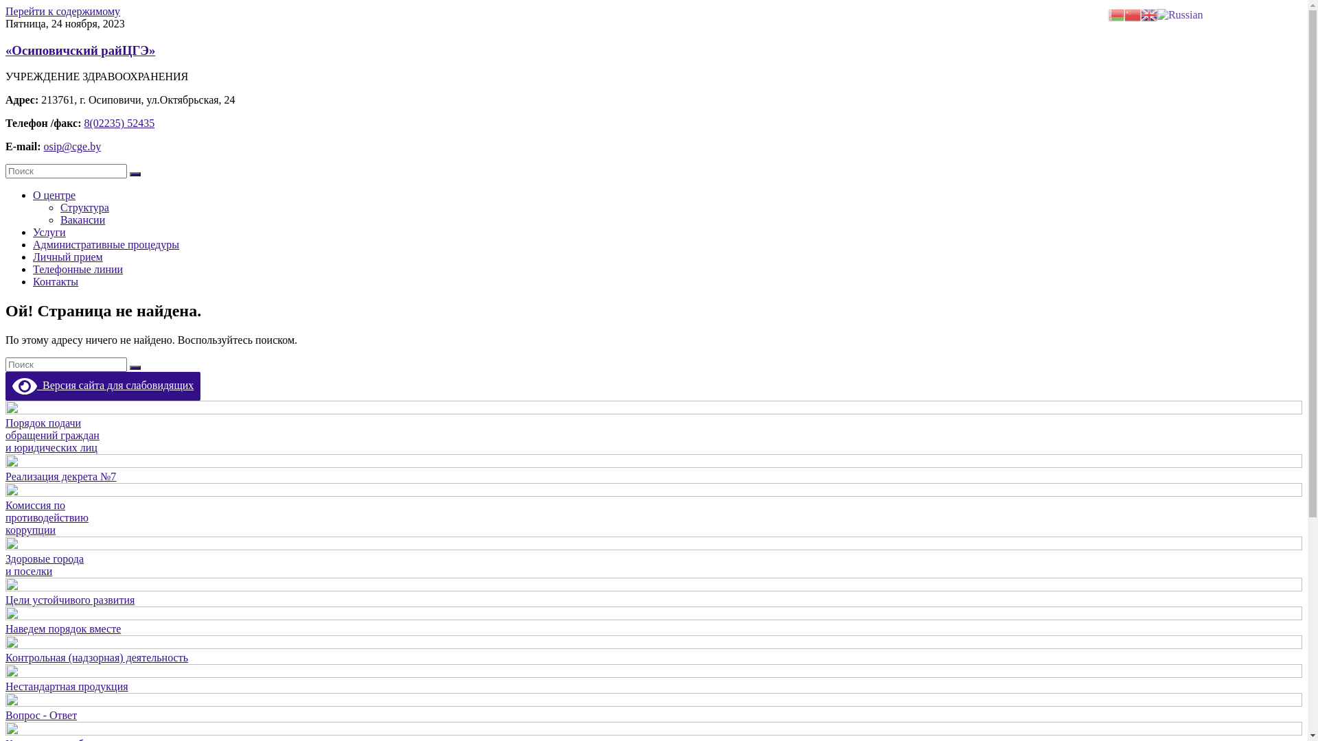 The width and height of the screenshot is (1318, 741). I want to click on 'Russian', so click(1179, 14).